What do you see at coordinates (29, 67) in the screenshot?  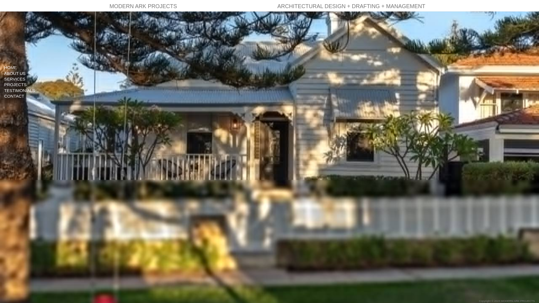 I see `'HOME'` at bounding box center [29, 67].